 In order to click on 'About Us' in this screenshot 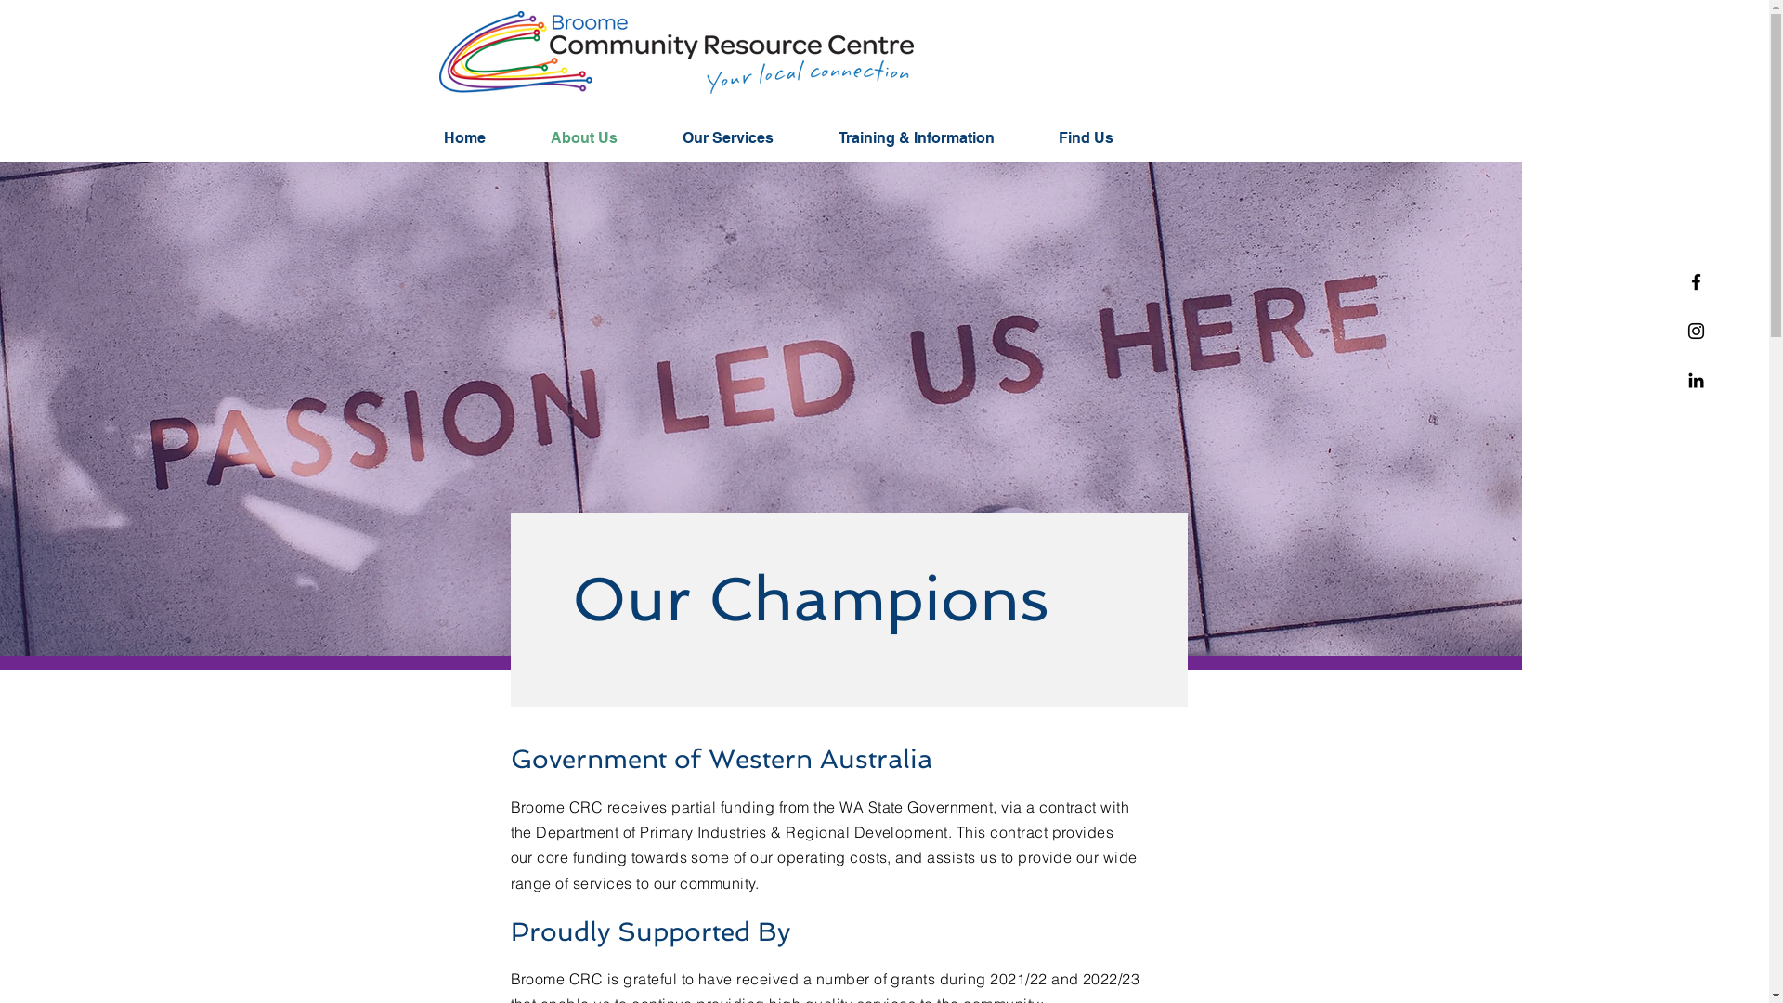, I will do `click(602, 137)`.